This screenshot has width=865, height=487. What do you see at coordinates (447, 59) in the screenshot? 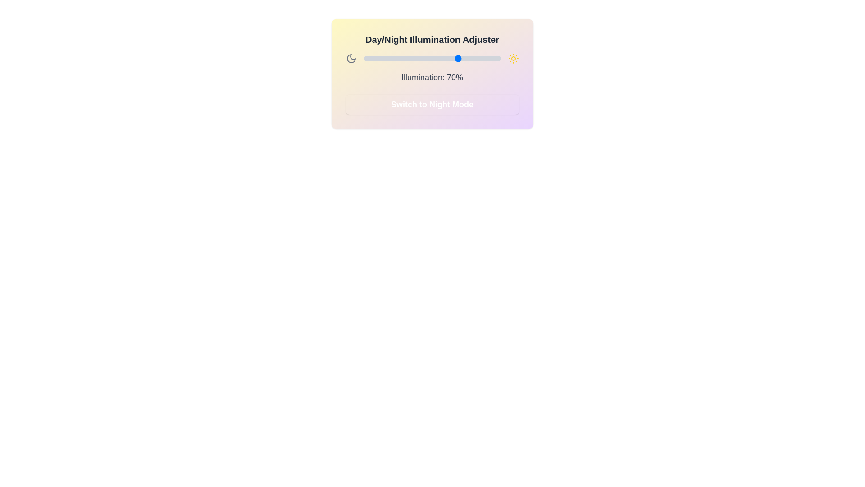
I see `the illumination level to 61% by dragging the slider` at bounding box center [447, 59].